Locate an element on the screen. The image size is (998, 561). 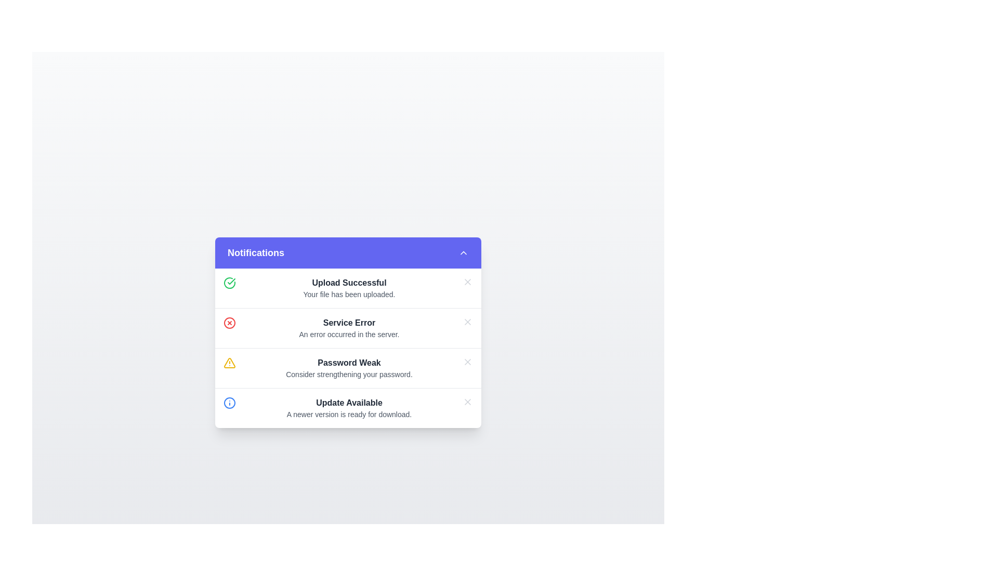
the text label that conveys a supplementary message about the notification titled 'Update Available', located underneath it in the last notification block is located at coordinates (349, 413).